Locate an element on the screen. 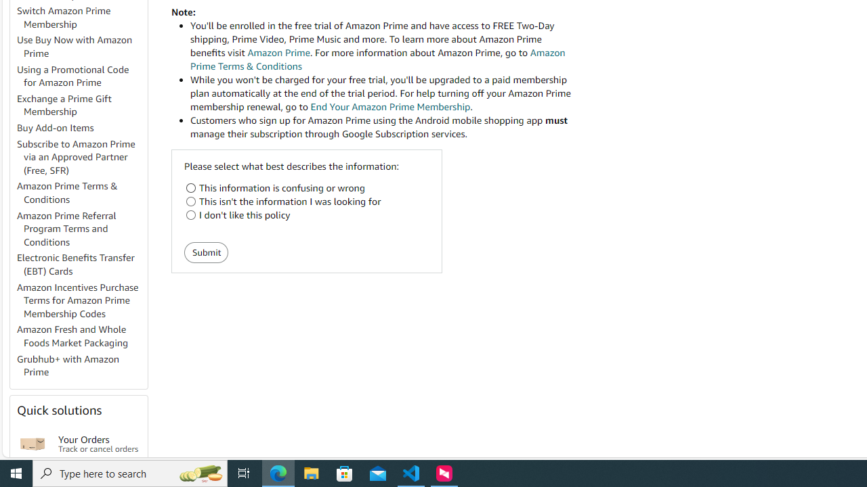 Image resolution: width=867 pixels, height=487 pixels. 'Amazon Prime Referral Program Terms and Conditions' is located at coordinates (81, 228).